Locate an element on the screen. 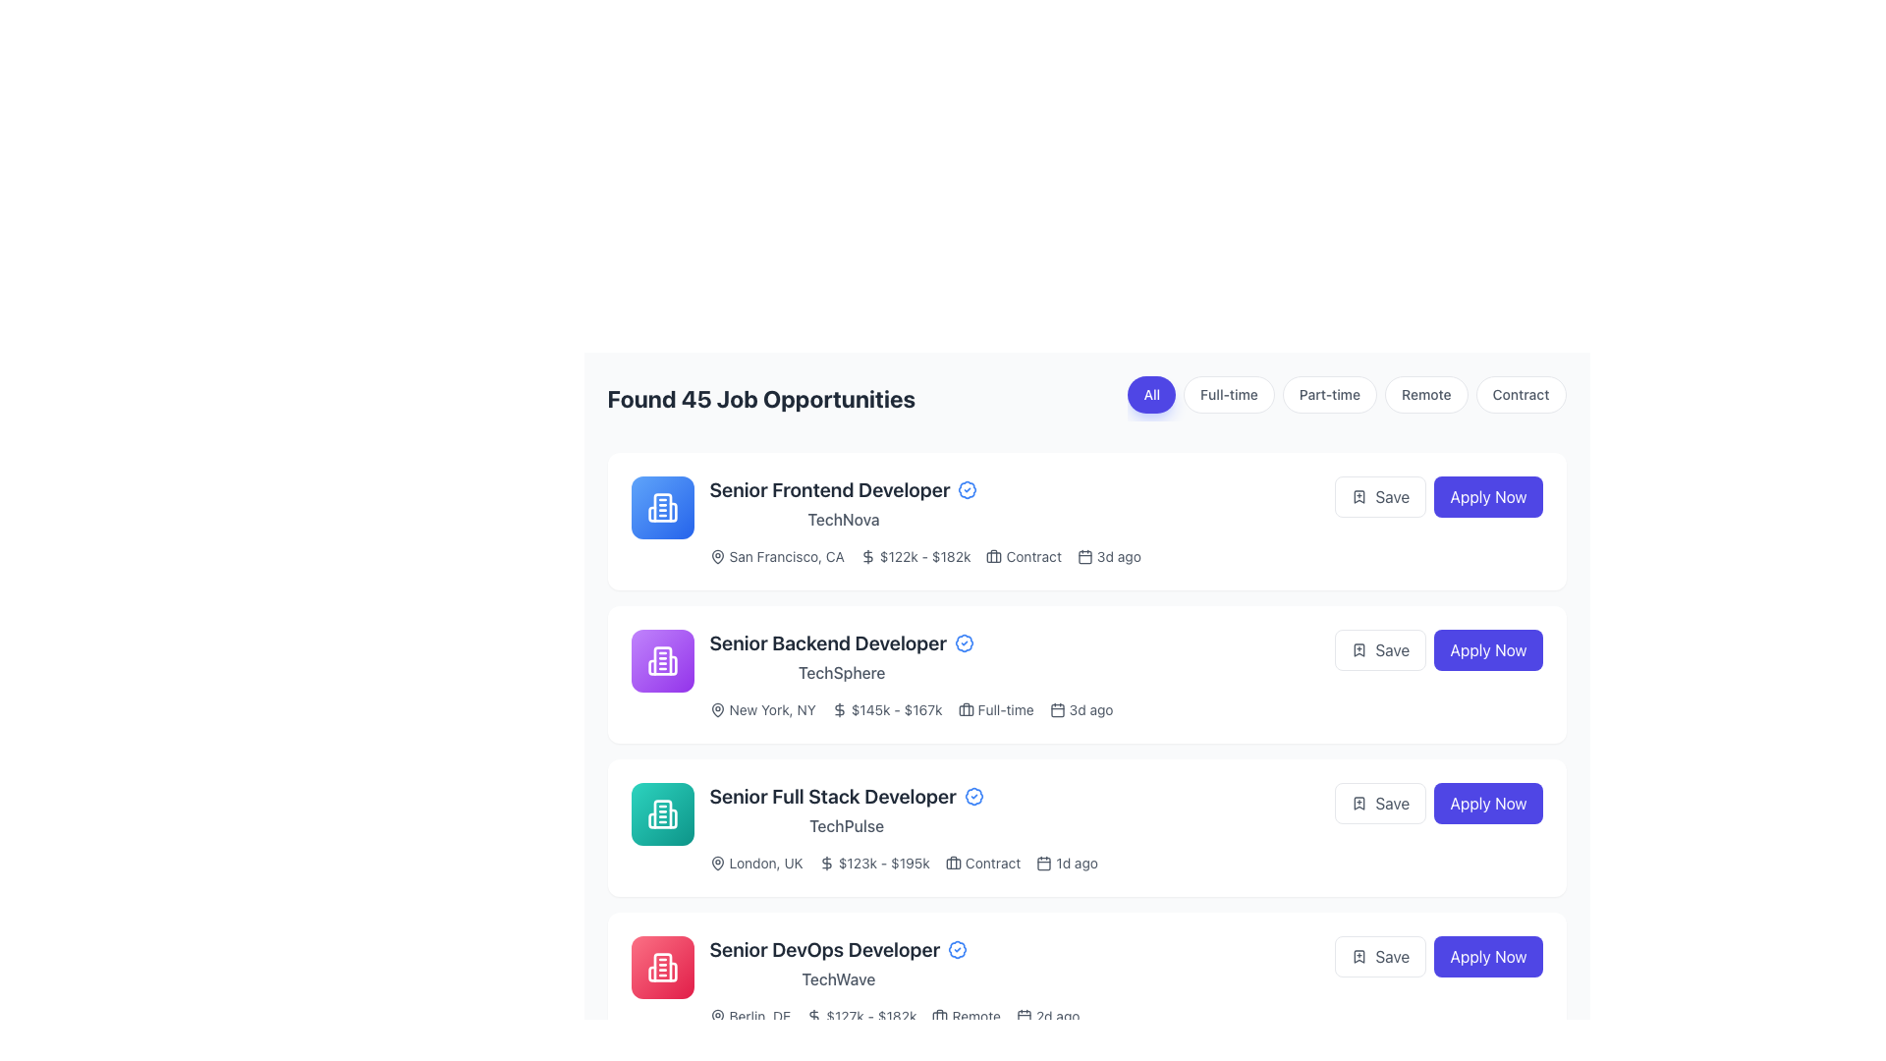 The image size is (1886, 1061). the blue circular badge icon with a white checkmark located to the right of the job title 'Senior DevOps Developer' is located at coordinates (958, 949).